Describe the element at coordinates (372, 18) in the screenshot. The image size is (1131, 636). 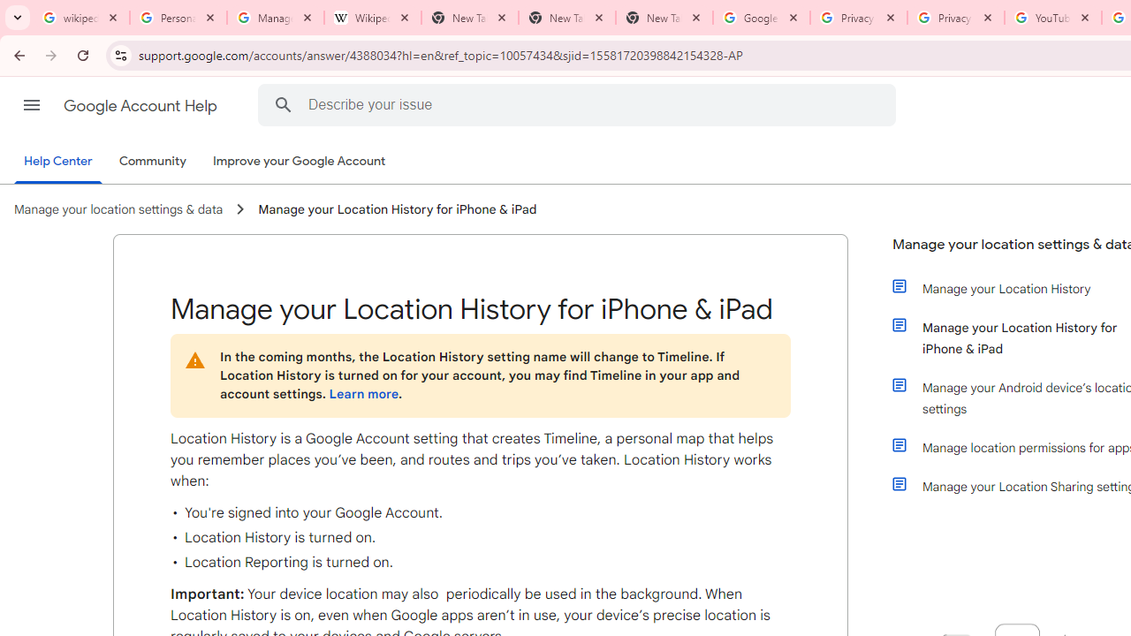
I see `'Wikipedia:Edit requests - Wikipedia'` at that location.